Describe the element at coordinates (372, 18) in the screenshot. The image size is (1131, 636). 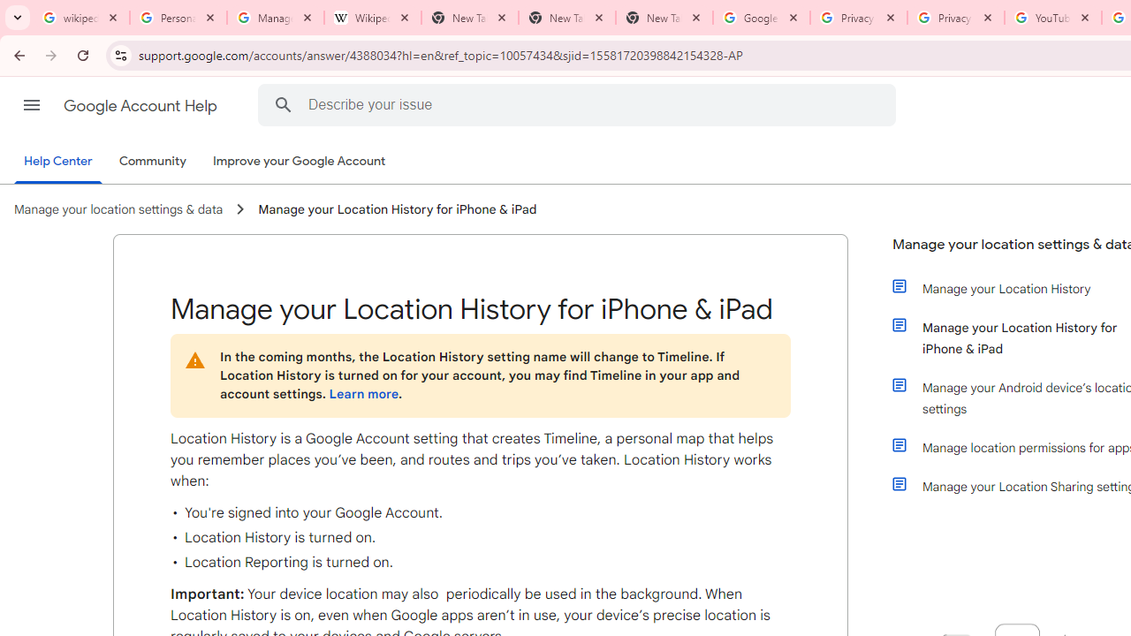
I see `'Wikipedia:Edit requests - Wikipedia'` at that location.